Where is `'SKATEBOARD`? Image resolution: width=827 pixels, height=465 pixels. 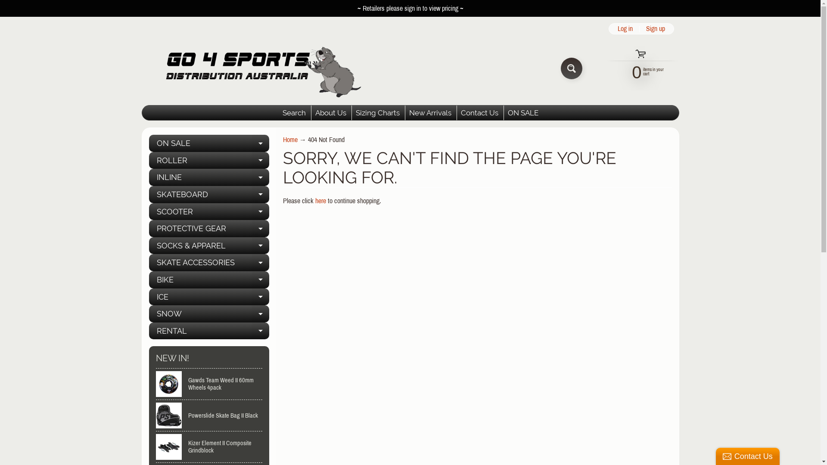
'SKATEBOARD is located at coordinates (149, 194).